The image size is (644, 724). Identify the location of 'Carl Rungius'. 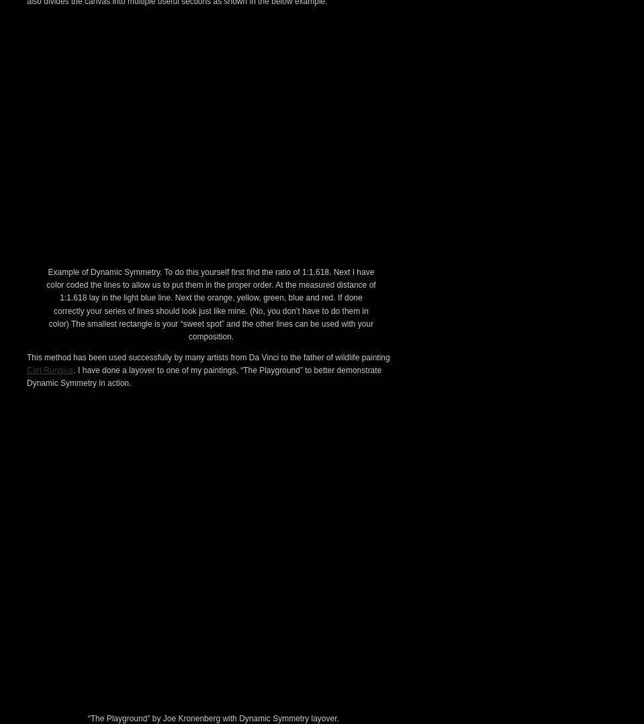
(50, 604).